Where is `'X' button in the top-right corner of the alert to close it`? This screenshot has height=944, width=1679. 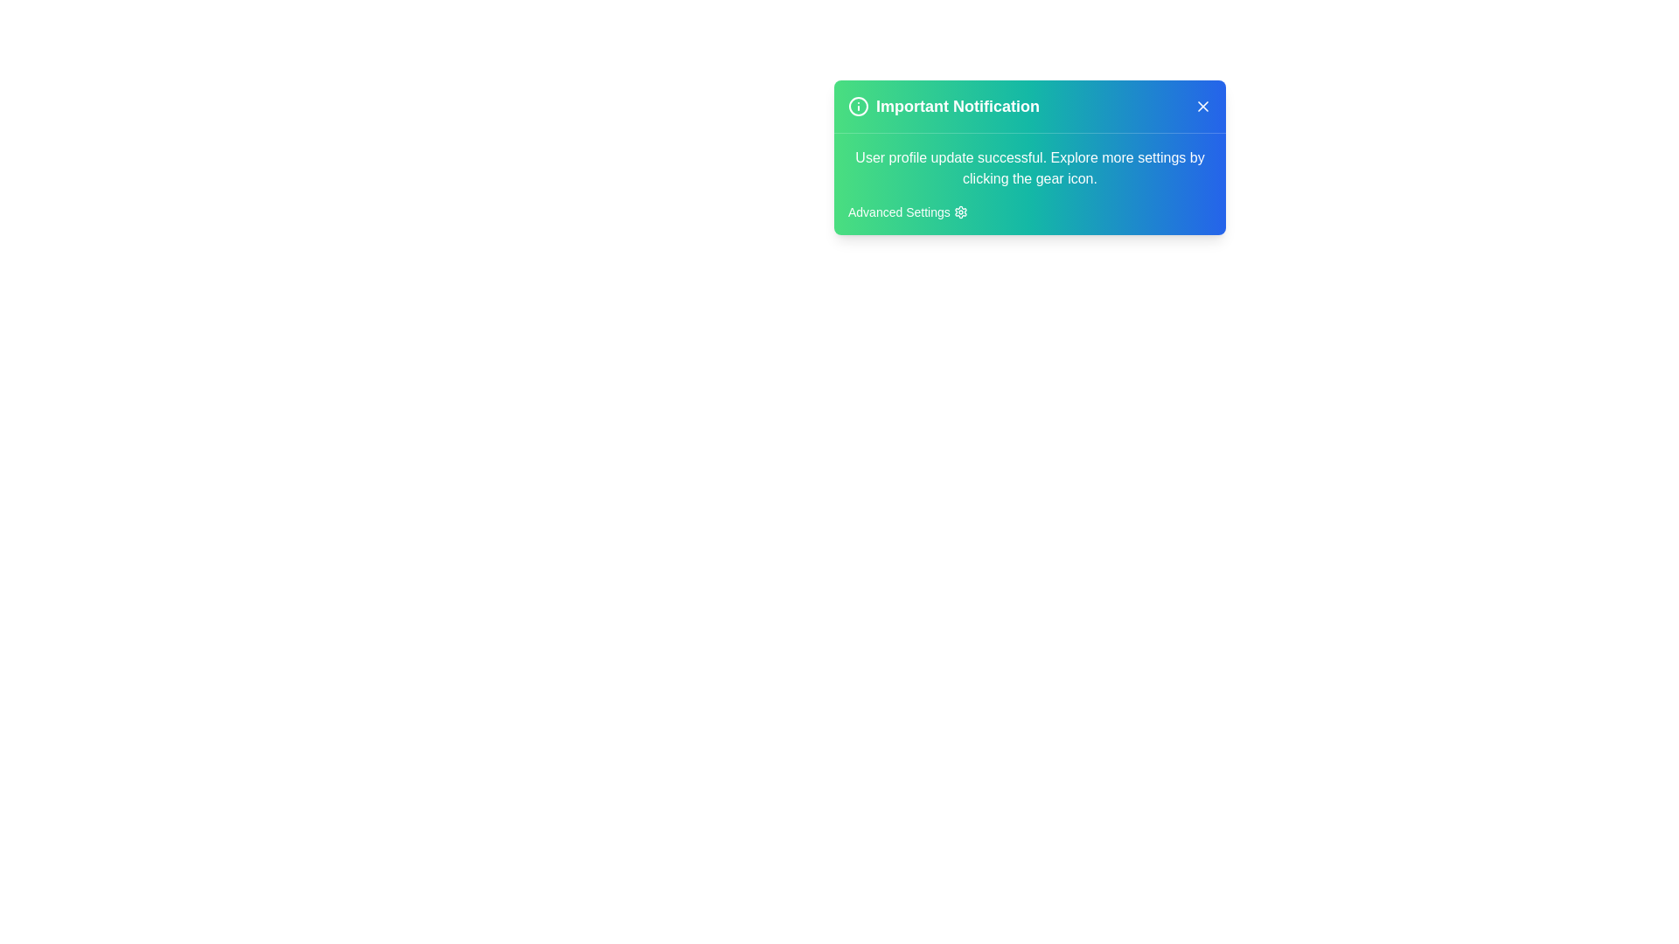 'X' button in the top-right corner of the alert to close it is located at coordinates (1202, 107).